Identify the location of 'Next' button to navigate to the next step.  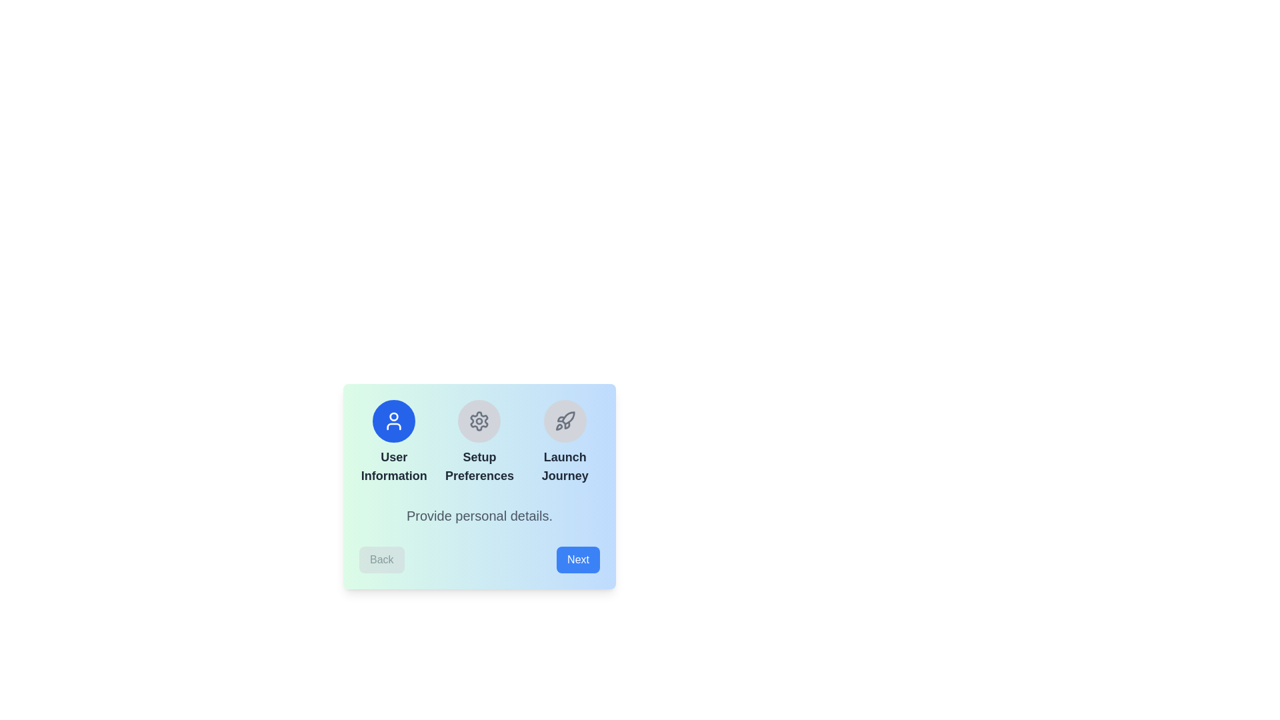
(578, 560).